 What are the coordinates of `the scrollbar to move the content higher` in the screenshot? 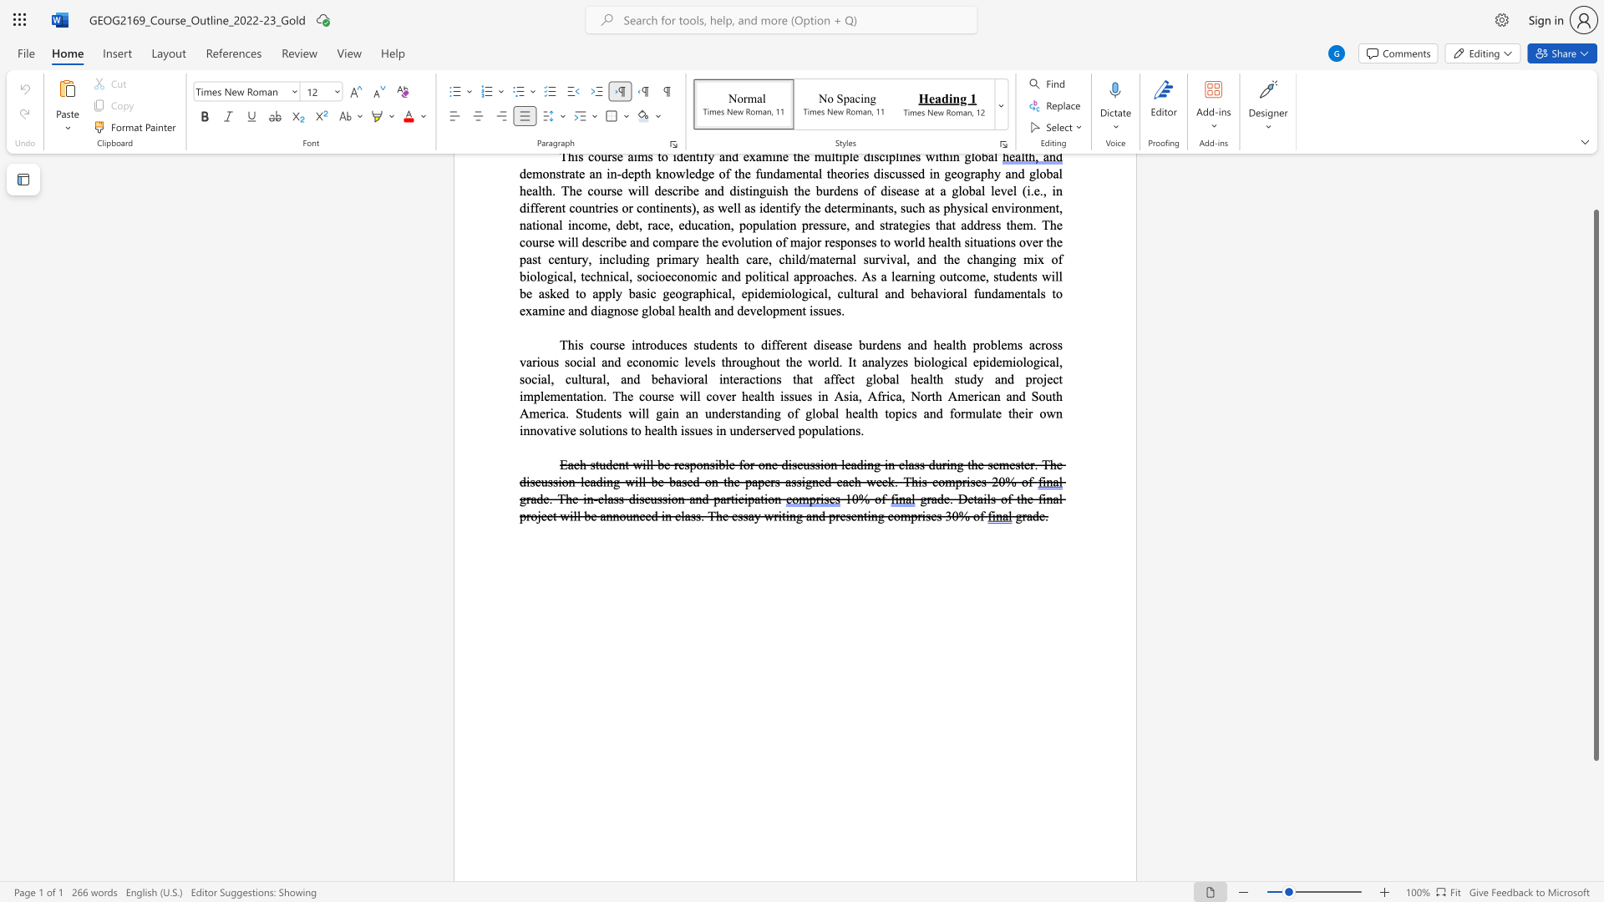 It's located at (1595, 191).